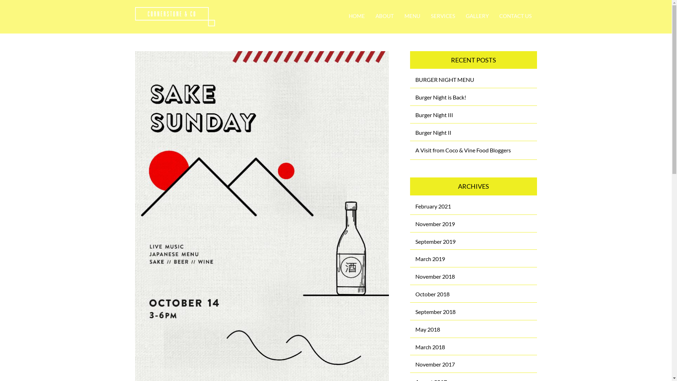 The width and height of the screenshot is (677, 381). What do you see at coordinates (440, 97) in the screenshot?
I see `'Burger Night is Back!'` at bounding box center [440, 97].